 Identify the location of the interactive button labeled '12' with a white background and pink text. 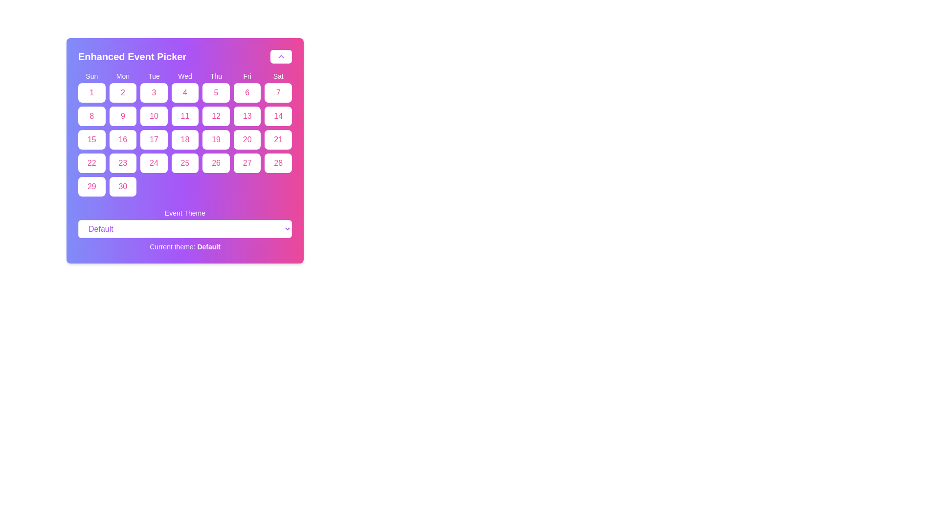
(215, 116).